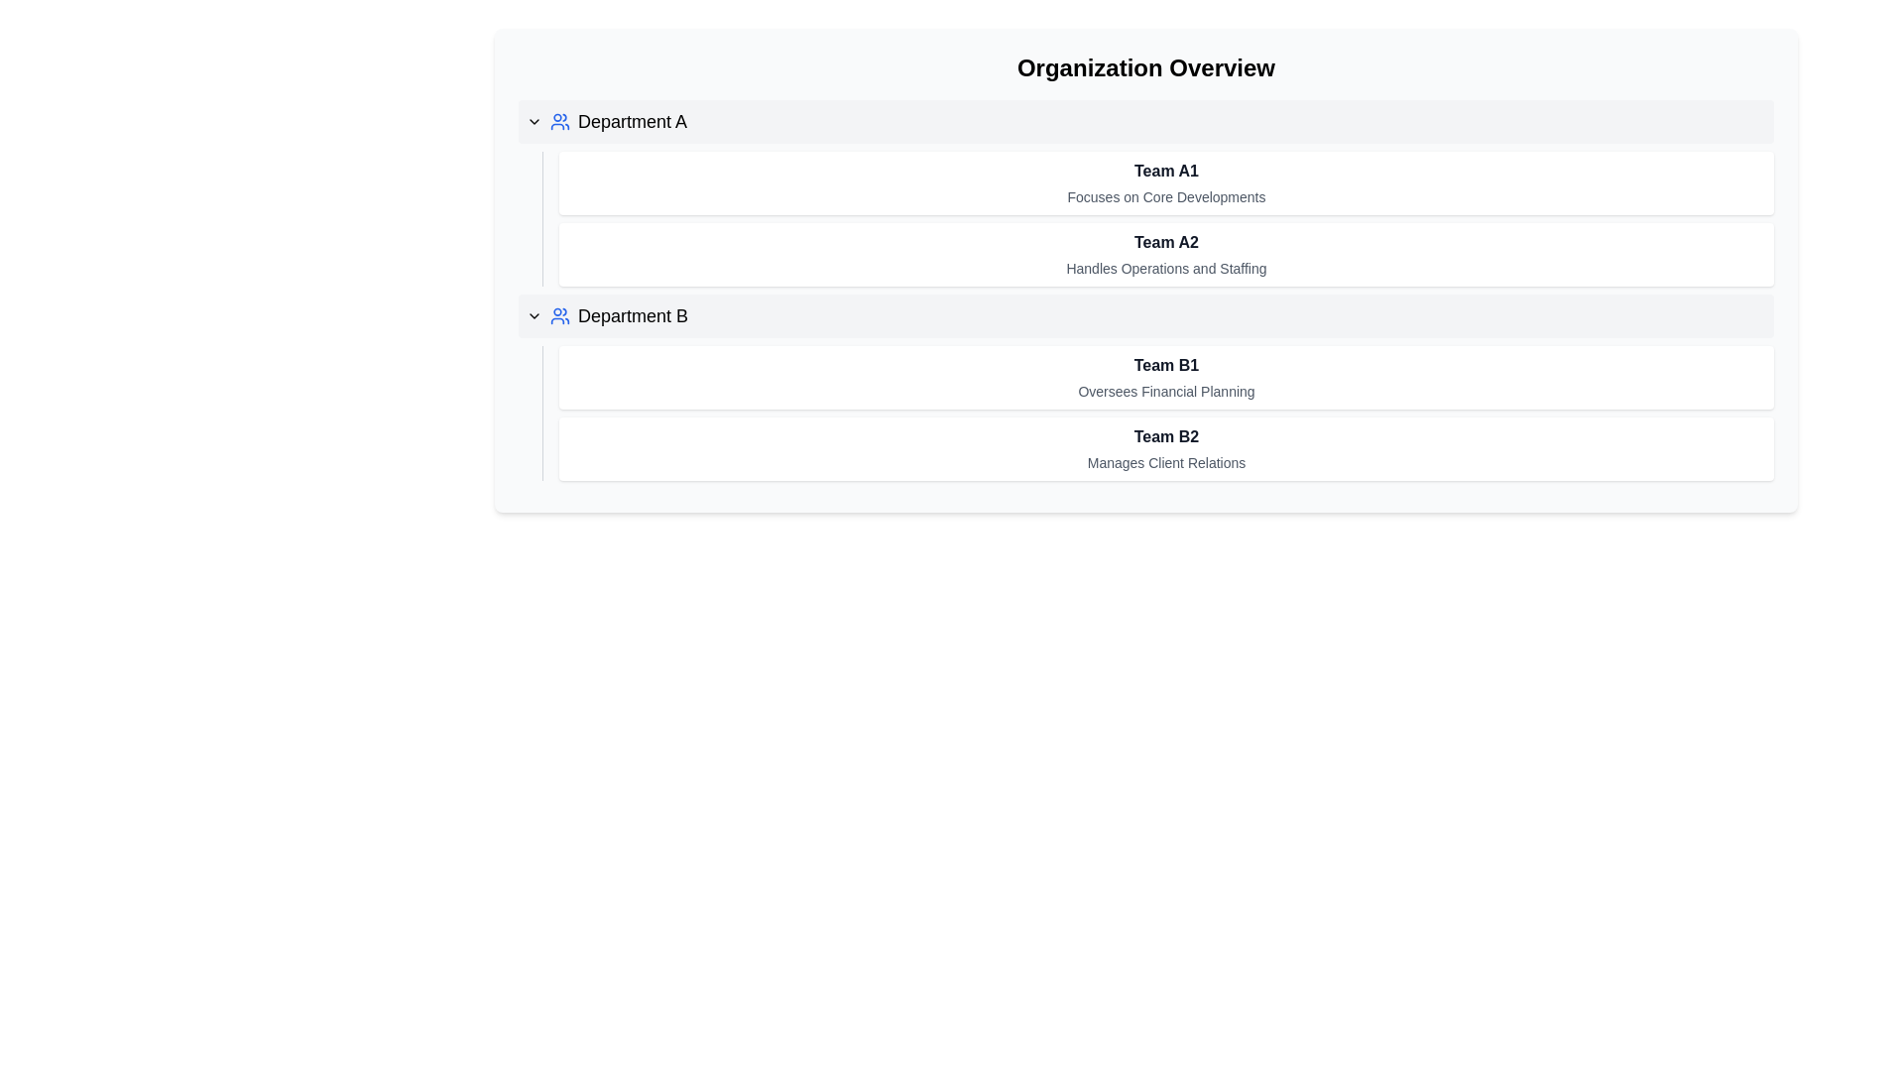  What do you see at coordinates (534, 122) in the screenshot?
I see `the chevron-down SVG icon` at bounding box center [534, 122].